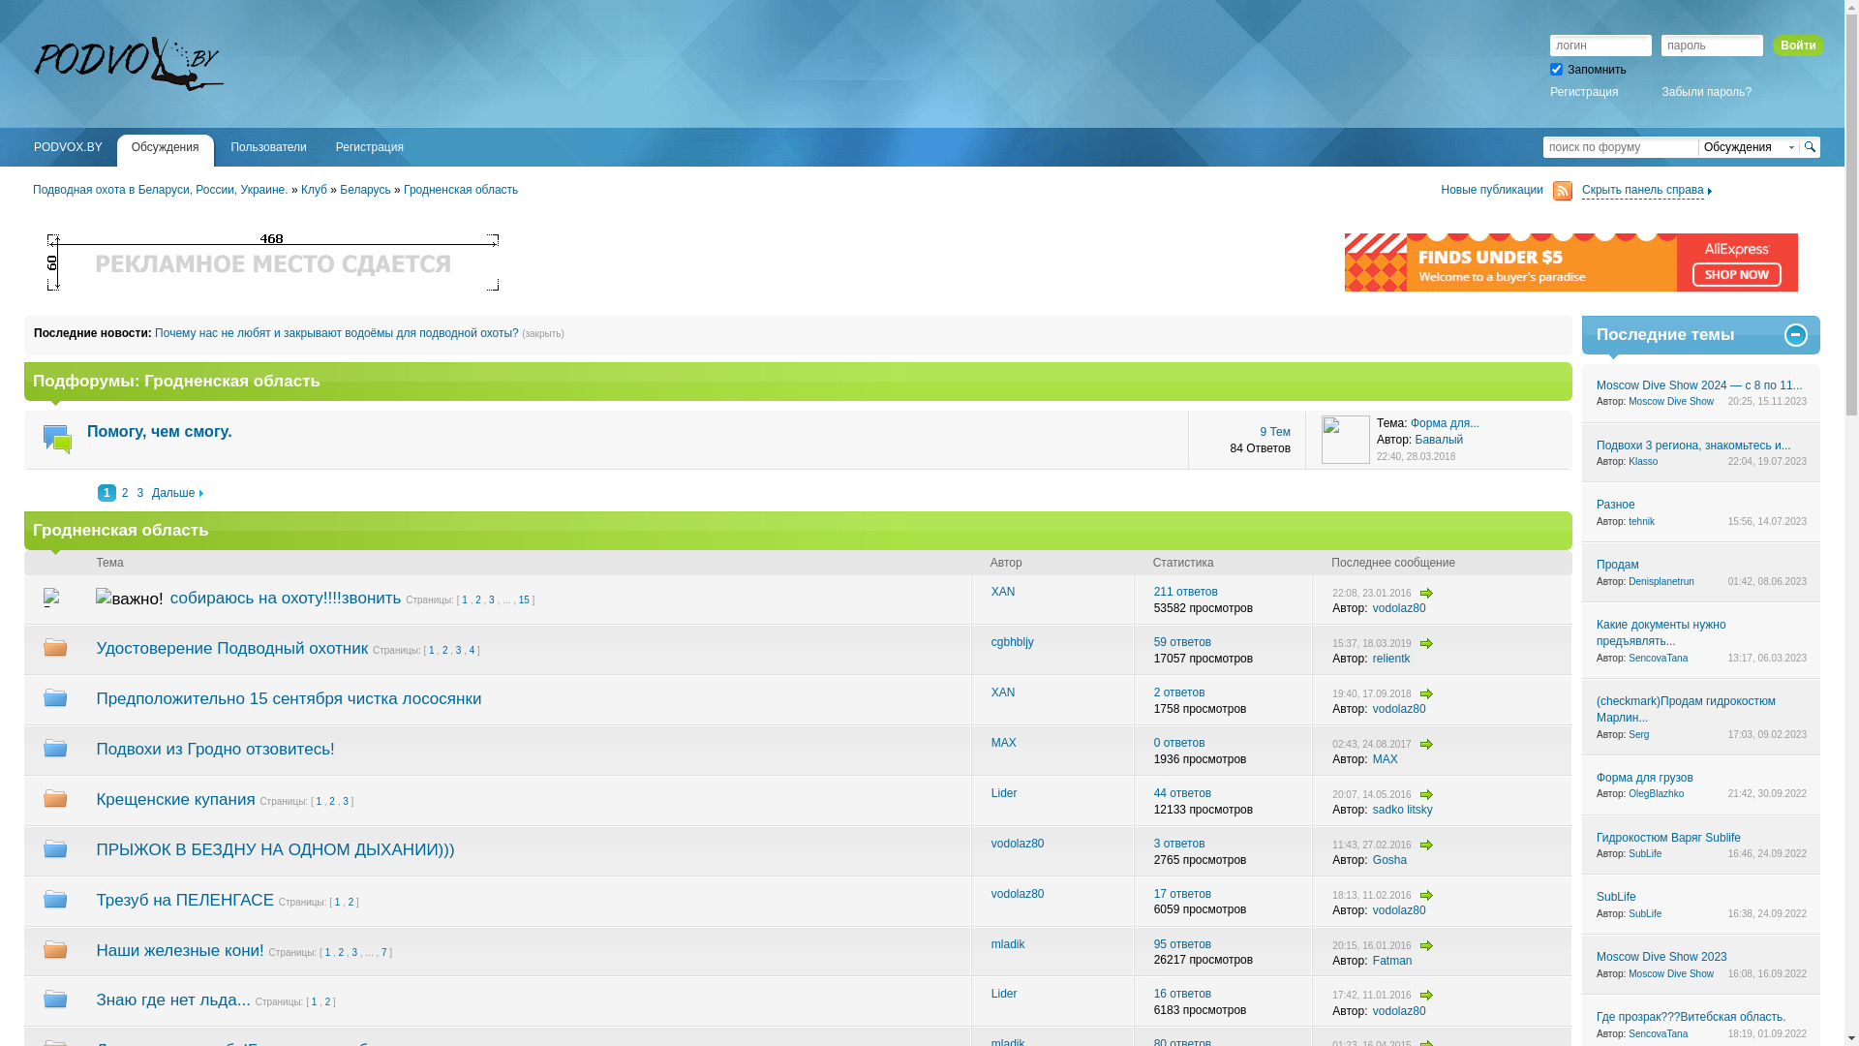 This screenshot has width=1859, height=1046. What do you see at coordinates (1403, 810) in the screenshot?
I see `'sadko litsky'` at bounding box center [1403, 810].